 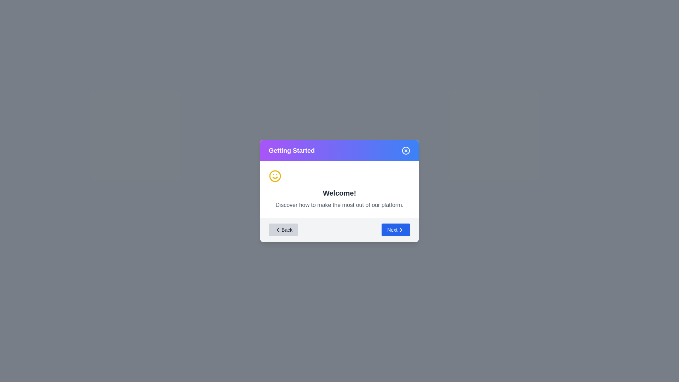 I want to click on the rightward chevron arrow icon located to the right of the 'Next' button at the bottom-right of the dialog box, so click(x=401, y=230).